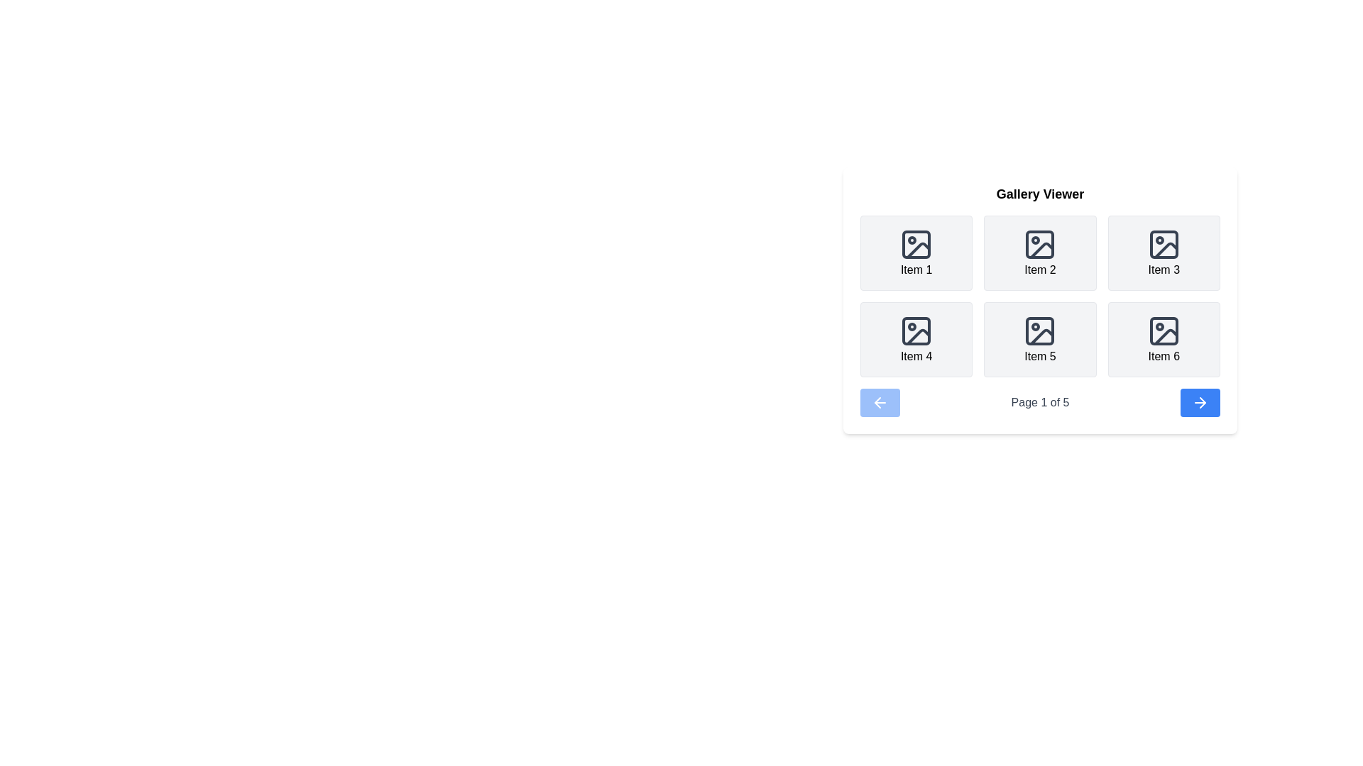  I want to click on the Card-like element representing 'Item 1' in the upper left corner of the grid-based gallery, so click(916, 252).